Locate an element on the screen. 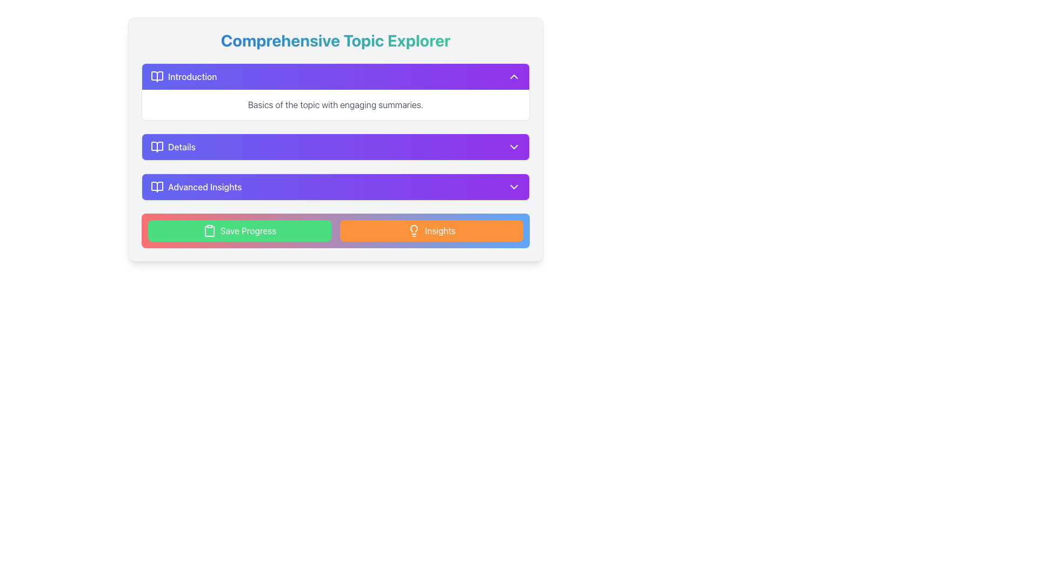 This screenshot has width=1038, height=584. the 'Insights' button which features a lightbulb icon on the left side, located in the bottom right corner of the interface is located at coordinates (414, 230).